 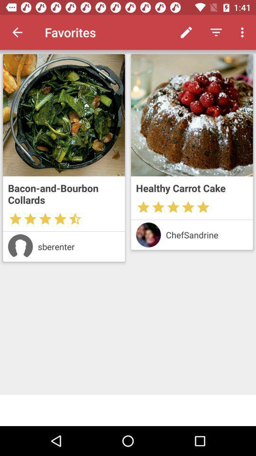 I want to click on profile, so click(x=20, y=246).